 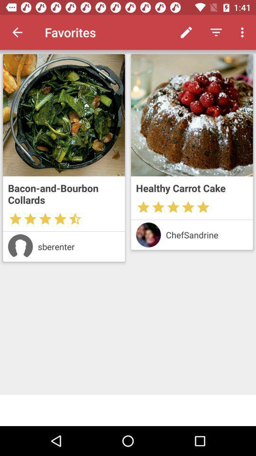 I want to click on profile, so click(x=20, y=246).